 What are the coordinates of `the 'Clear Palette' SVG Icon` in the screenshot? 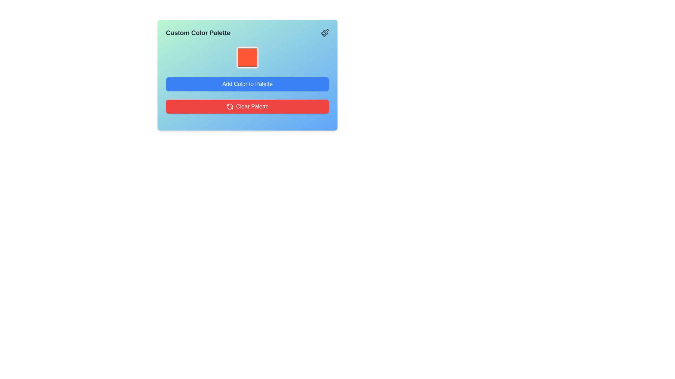 It's located at (230, 107).